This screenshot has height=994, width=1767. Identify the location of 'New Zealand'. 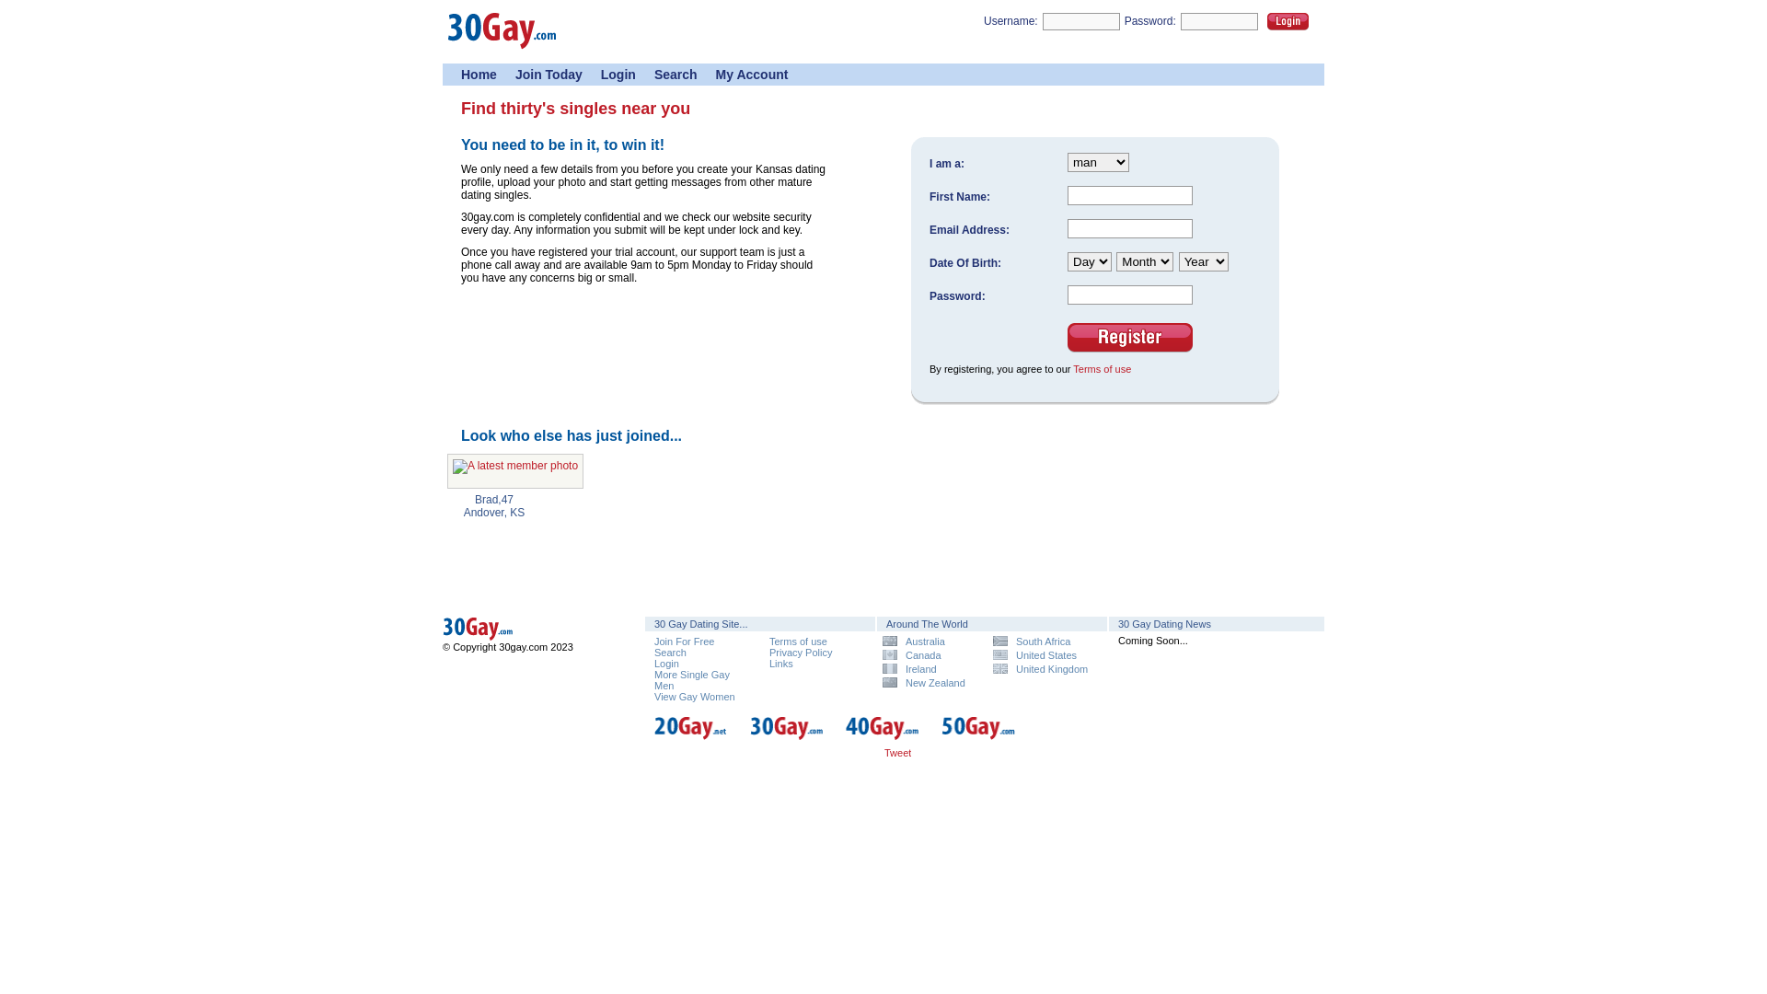
(882, 682).